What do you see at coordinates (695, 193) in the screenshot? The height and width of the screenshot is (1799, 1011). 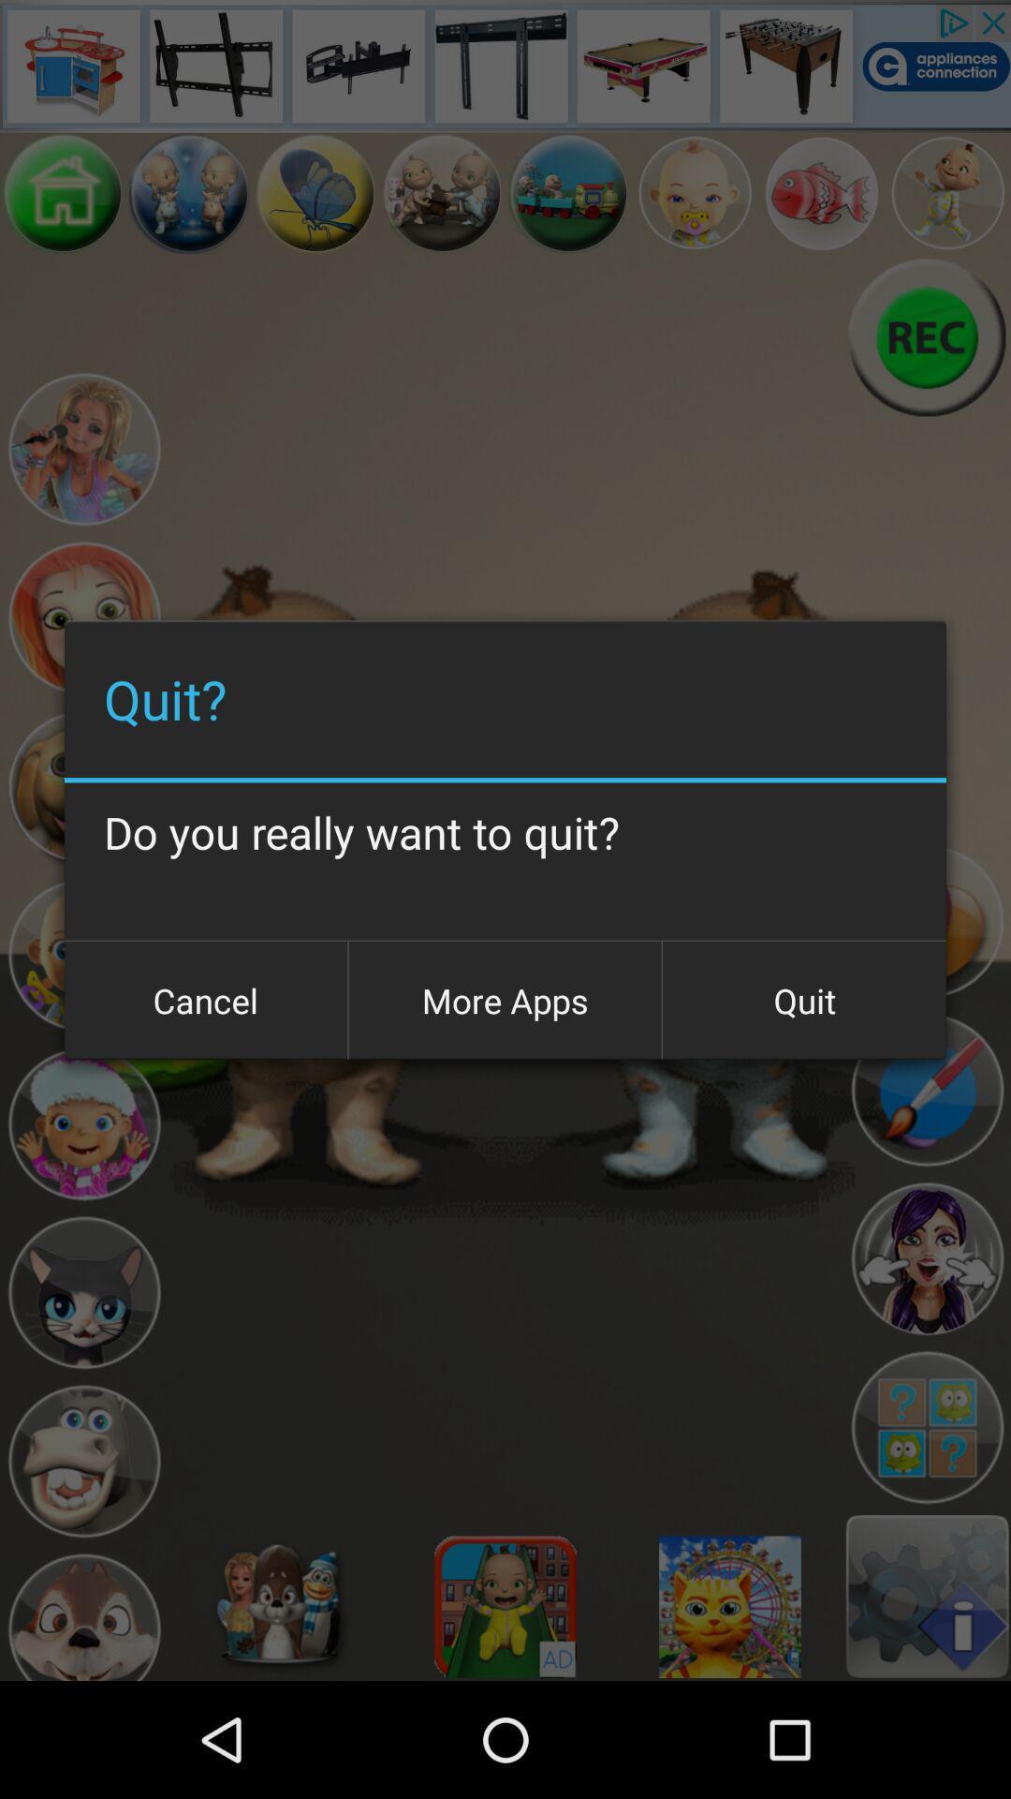 I see `baby` at bounding box center [695, 193].